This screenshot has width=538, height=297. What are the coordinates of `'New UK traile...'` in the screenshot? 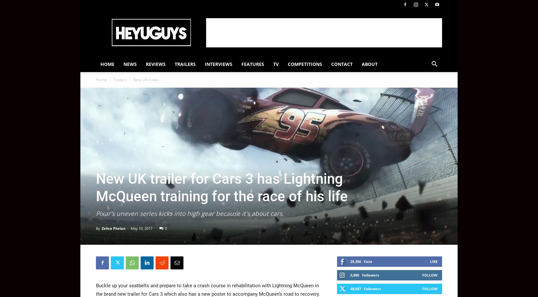 It's located at (146, 80).